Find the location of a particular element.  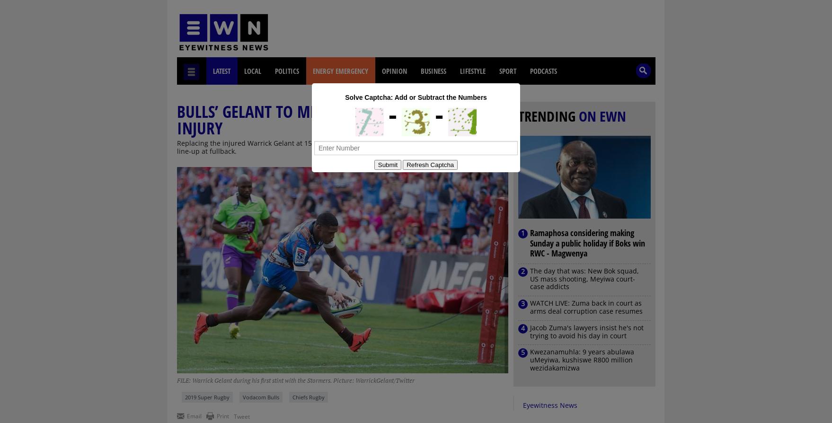

'The day that was: New Bok squad, US mass shooting, Meyiwa court-case addicts' is located at coordinates (529, 278).